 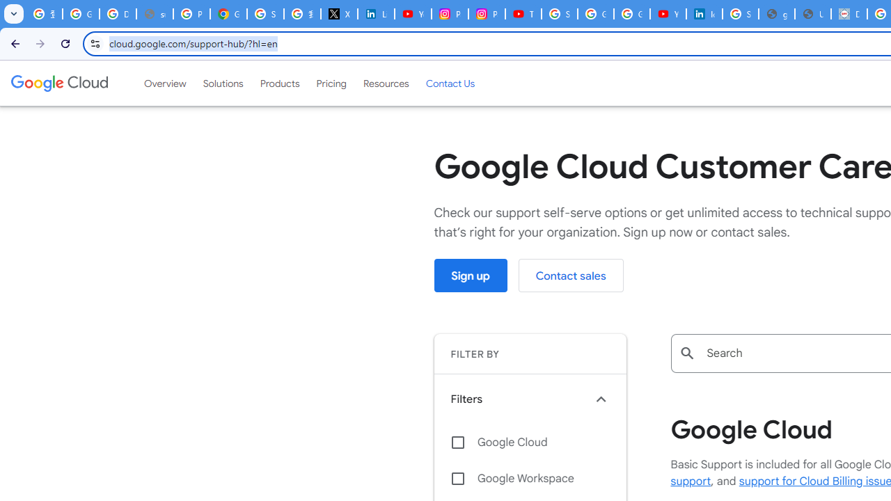 What do you see at coordinates (848, 14) in the screenshot?
I see `'Data Privacy Framework'` at bounding box center [848, 14].